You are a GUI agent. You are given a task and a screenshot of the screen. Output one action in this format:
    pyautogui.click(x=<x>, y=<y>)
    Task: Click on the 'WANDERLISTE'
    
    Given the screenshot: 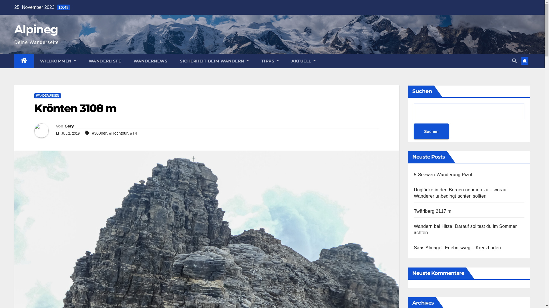 What is the action you would take?
    pyautogui.click(x=82, y=61)
    